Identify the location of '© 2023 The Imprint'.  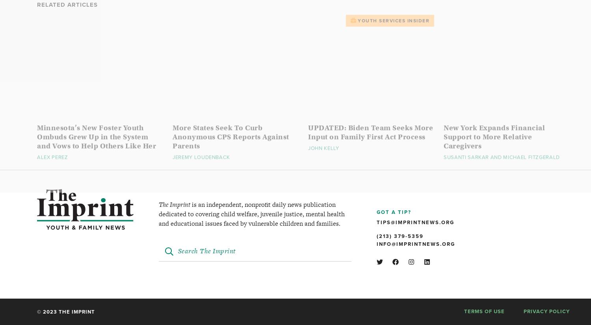
(66, 312).